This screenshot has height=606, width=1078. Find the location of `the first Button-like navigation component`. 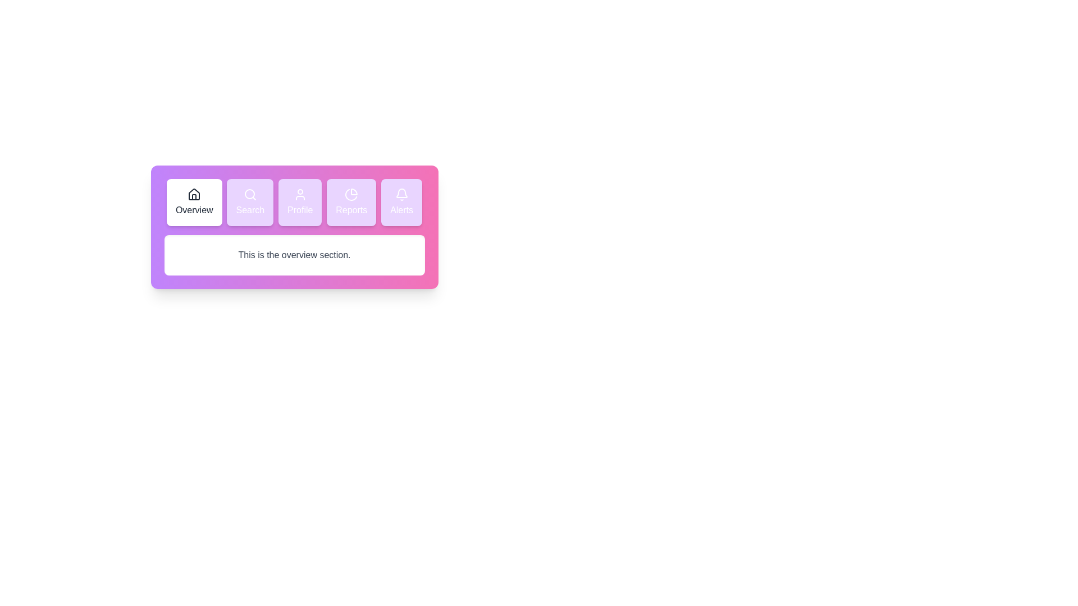

the first Button-like navigation component is located at coordinates (194, 203).